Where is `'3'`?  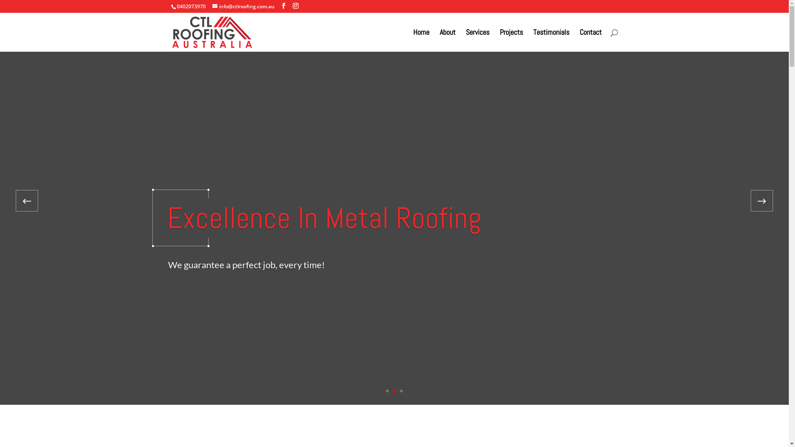
'3' is located at coordinates (400, 391).